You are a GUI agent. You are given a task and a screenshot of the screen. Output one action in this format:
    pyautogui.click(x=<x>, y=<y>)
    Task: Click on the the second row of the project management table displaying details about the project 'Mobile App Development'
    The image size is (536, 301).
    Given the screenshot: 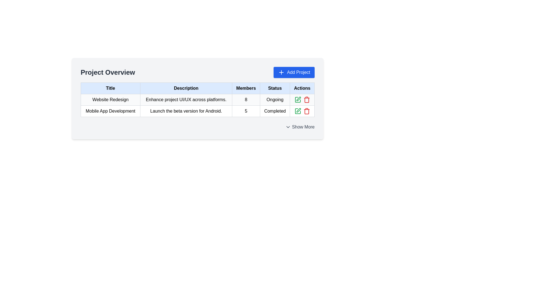 What is the action you would take?
    pyautogui.click(x=198, y=111)
    